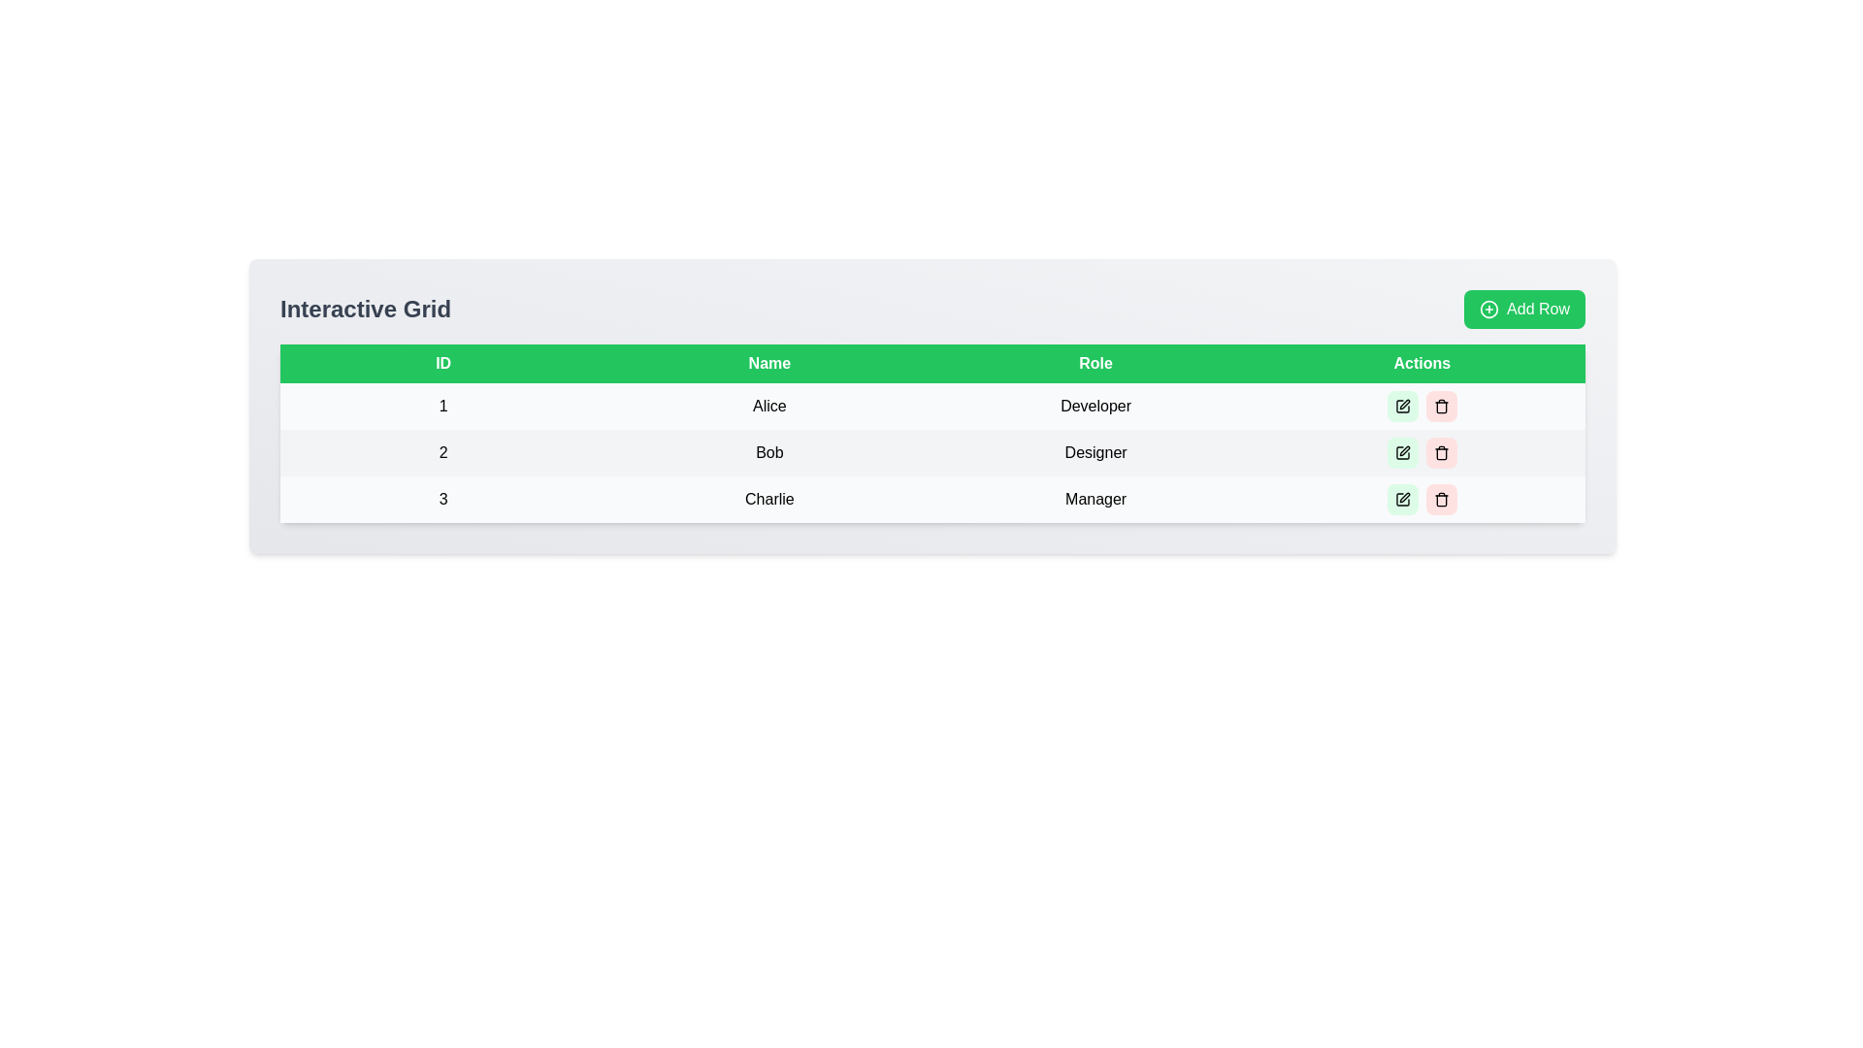 The height and width of the screenshot is (1048, 1863). Describe the element at coordinates (1441, 499) in the screenshot. I see `the delete IconButton located in the 'Actions' column of the last row of the table` at that location.